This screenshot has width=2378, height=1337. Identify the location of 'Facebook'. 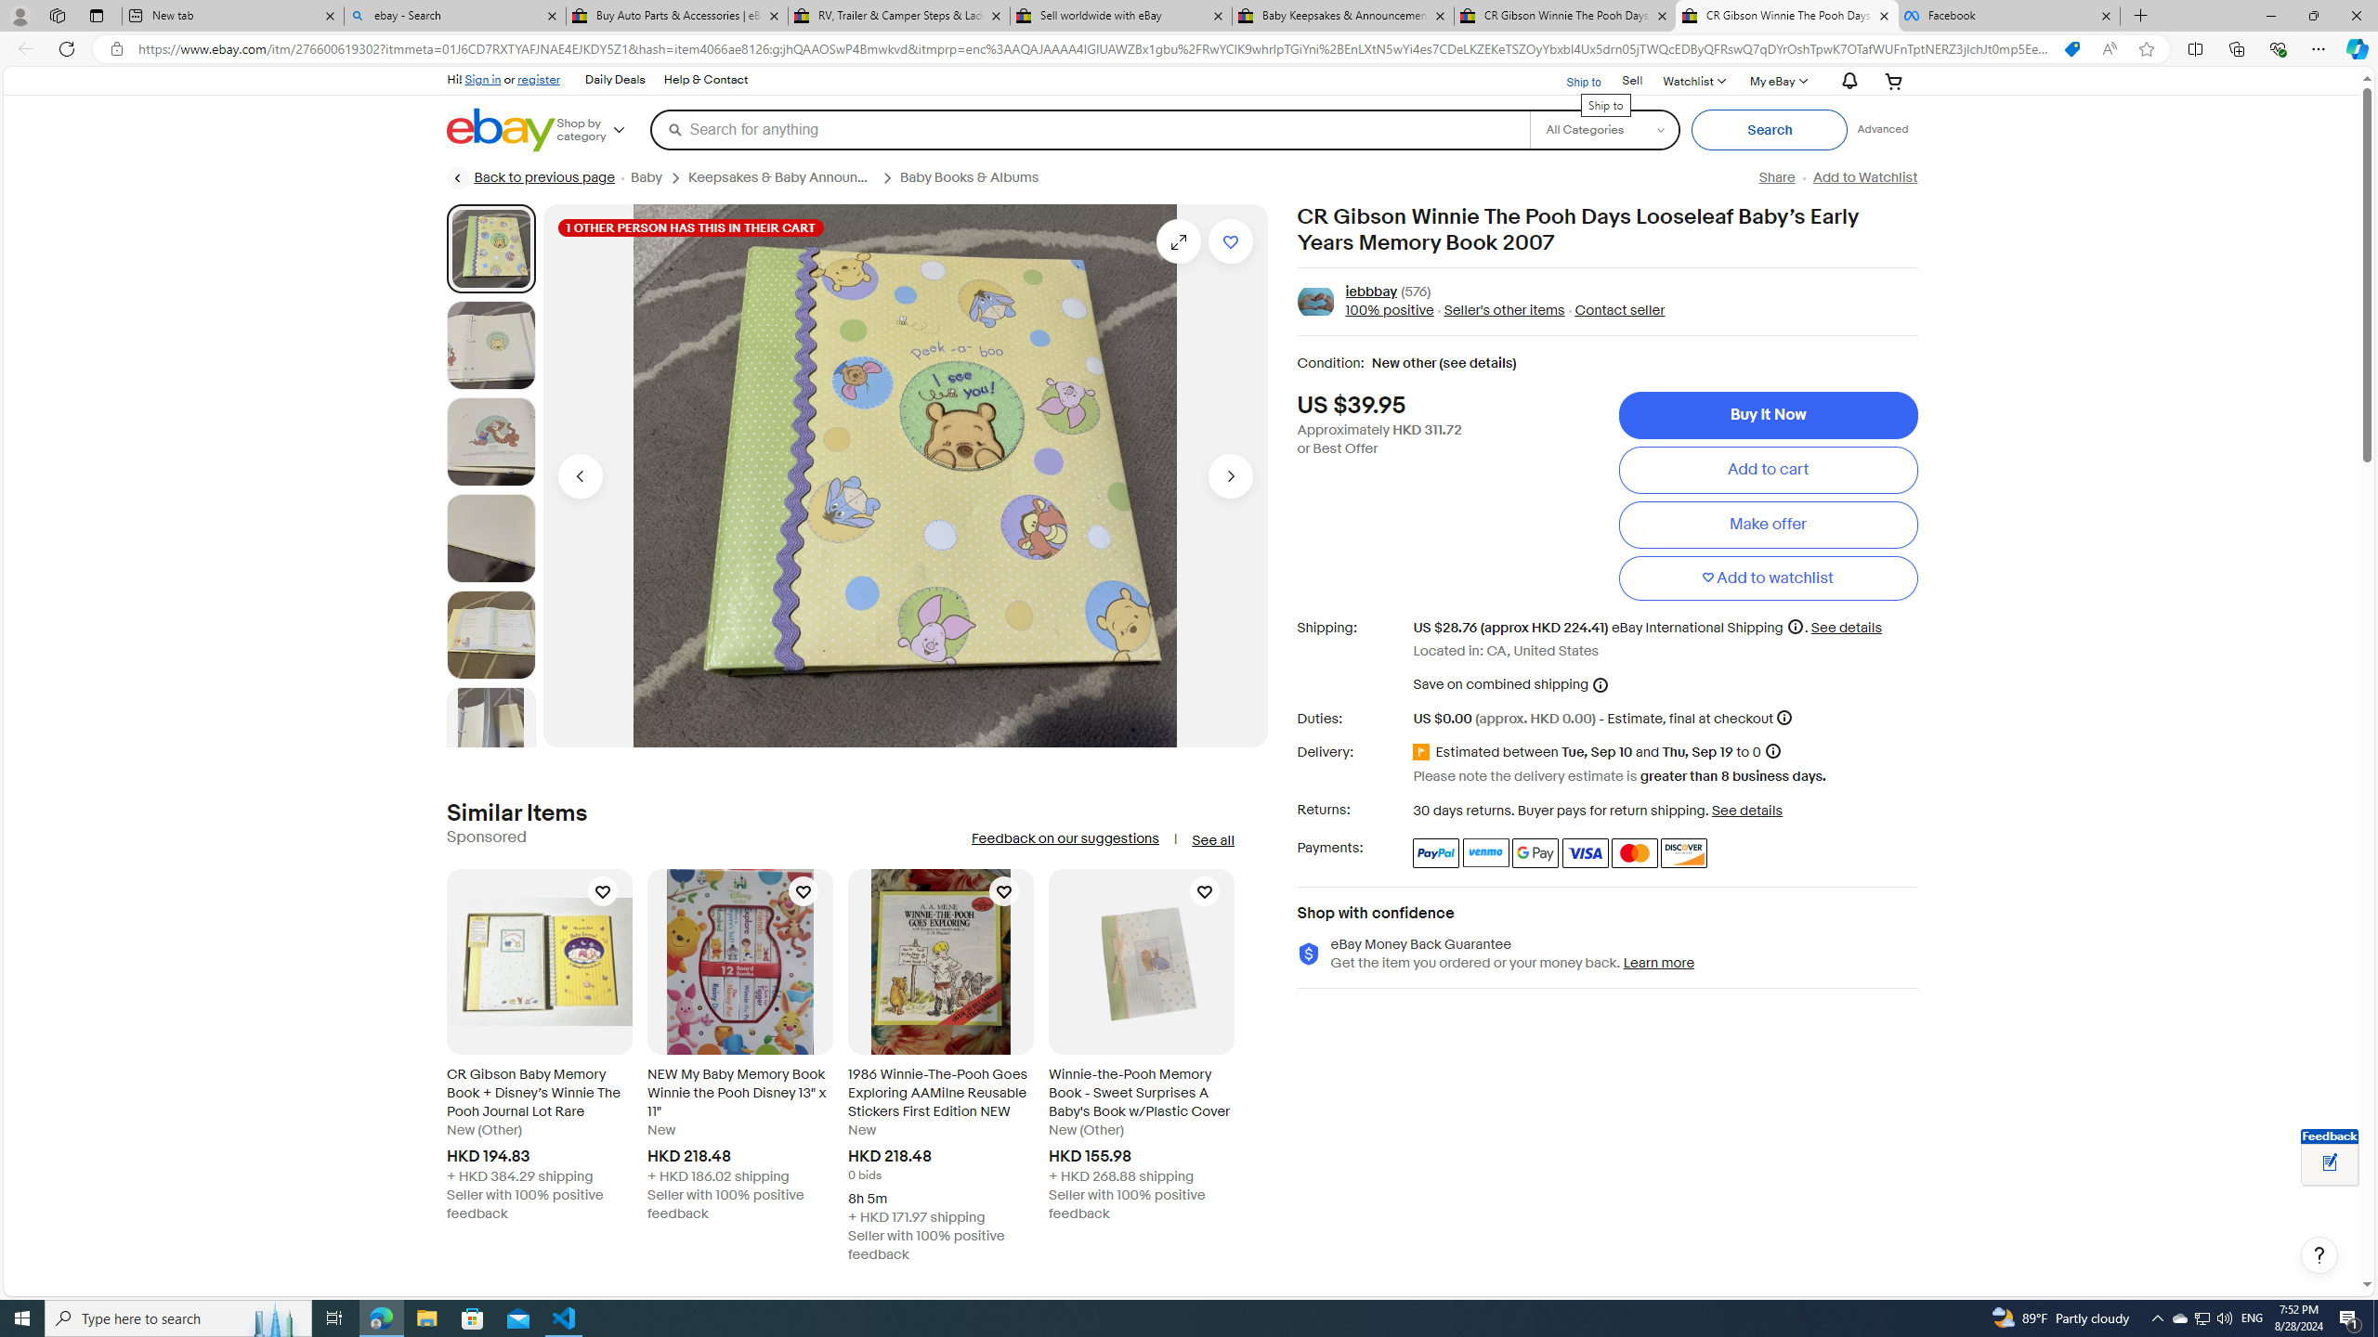
(2008, 15).